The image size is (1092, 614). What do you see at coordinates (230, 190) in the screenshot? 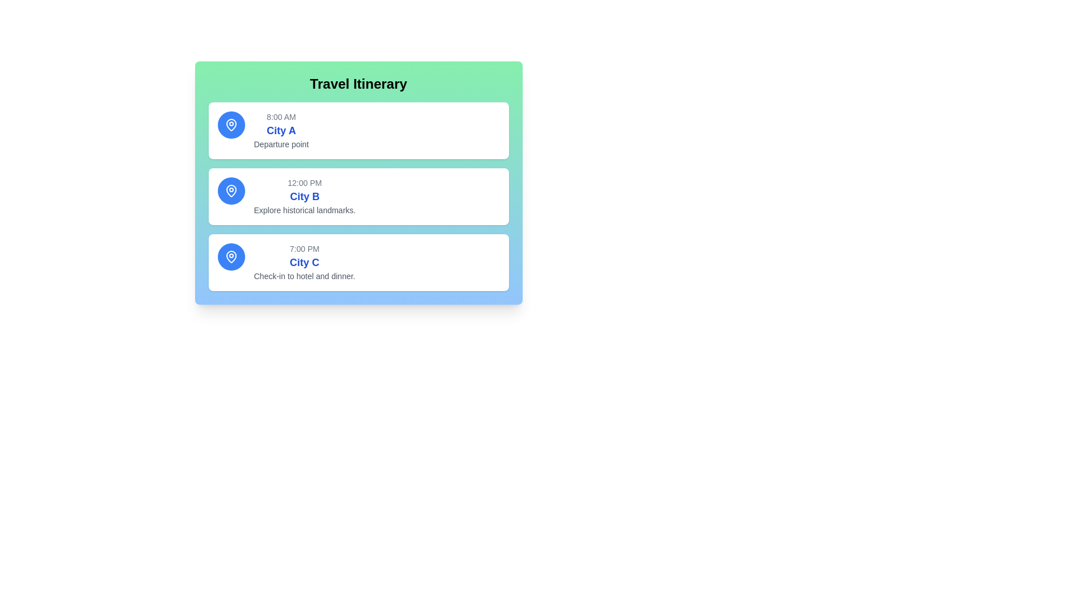
I see `the solid blue circular Icon button with a white pin icon, located in the travel itinerary section, aligned with the labels '12:00 PM,' 'City B,' and 'Explore historical landmarks.'` at bounding box center [230, 190].